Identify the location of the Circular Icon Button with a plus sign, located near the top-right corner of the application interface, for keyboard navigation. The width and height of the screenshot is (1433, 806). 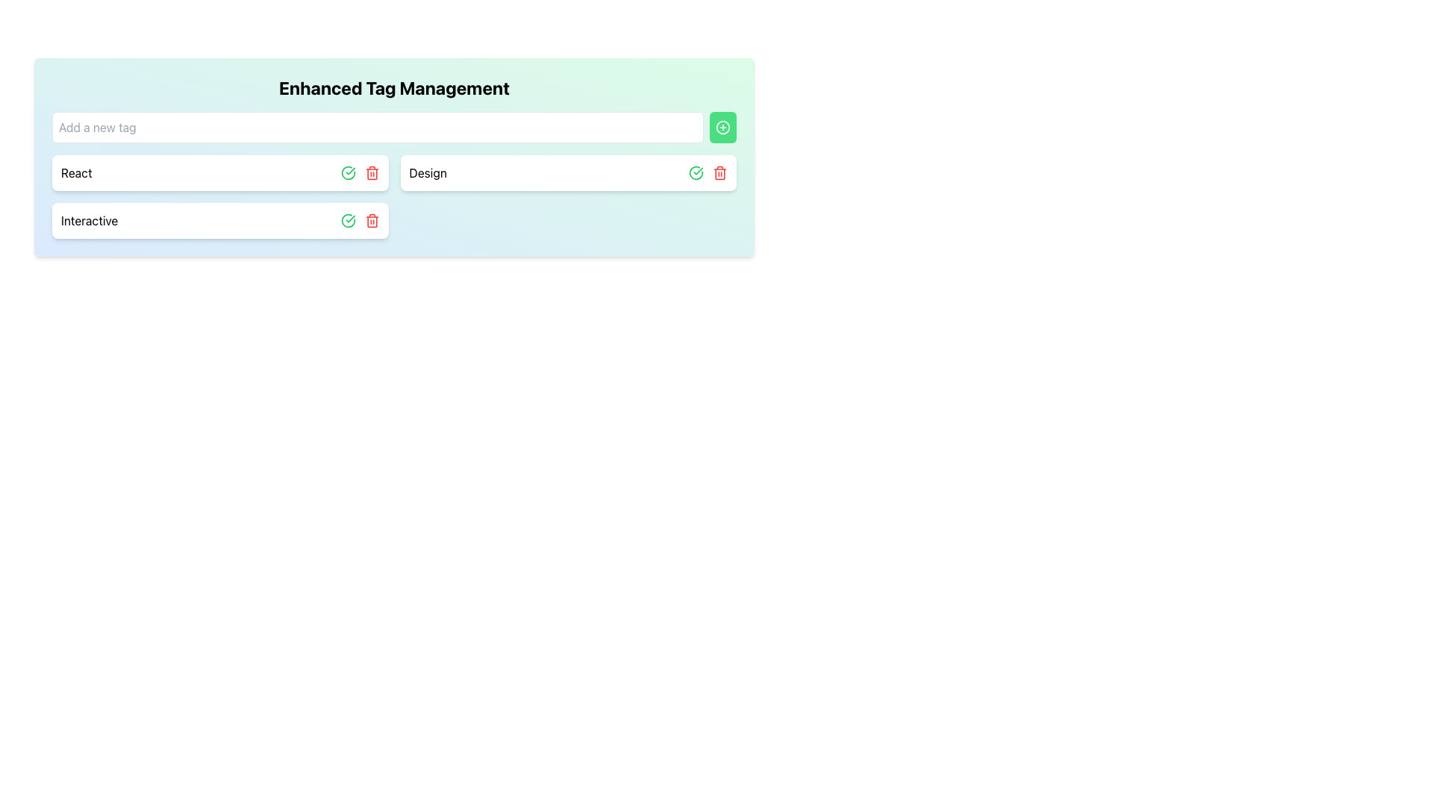
(723, 126).